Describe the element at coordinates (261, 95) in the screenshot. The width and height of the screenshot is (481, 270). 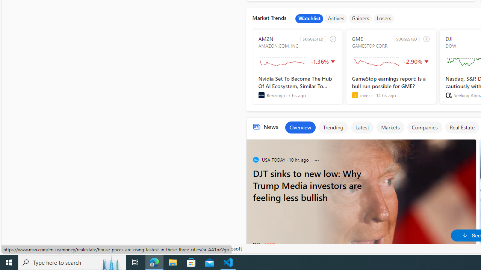
I see `'Benzinga'` at that location.